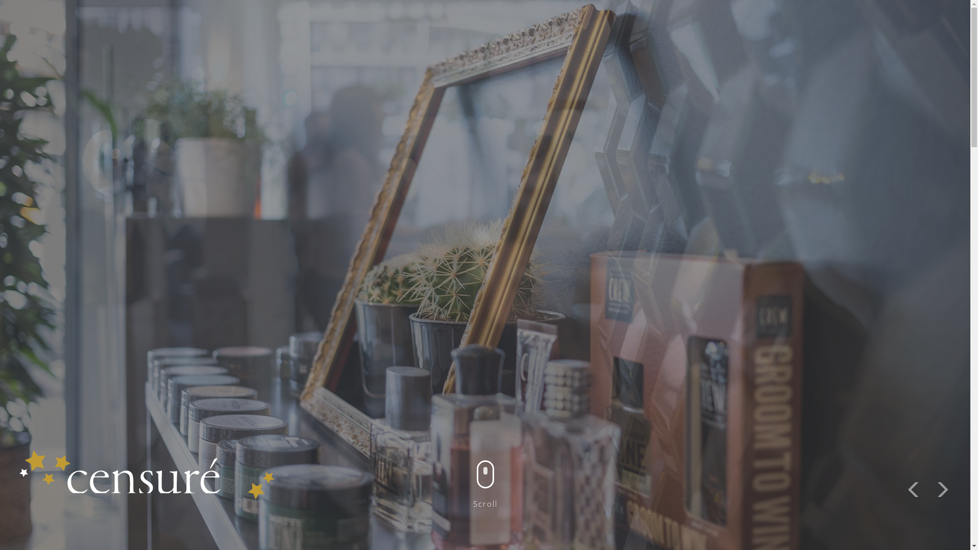  Describe the element at coordinates (941, 490) in the screenshot. I see `'Next'` at that location.